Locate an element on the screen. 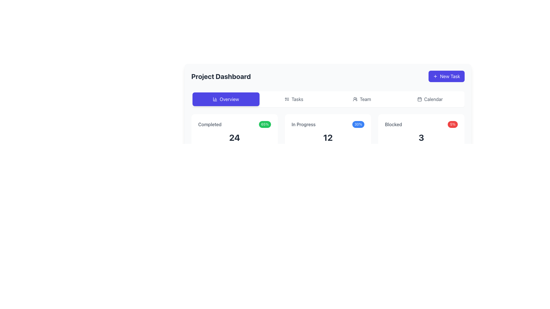 The image size is (550, 309). SVG column chart icon located within the 'Overview' button, which is centered horizontally to the left of the 'Overview' text, for design purposes is located at coordinates (215, 99).